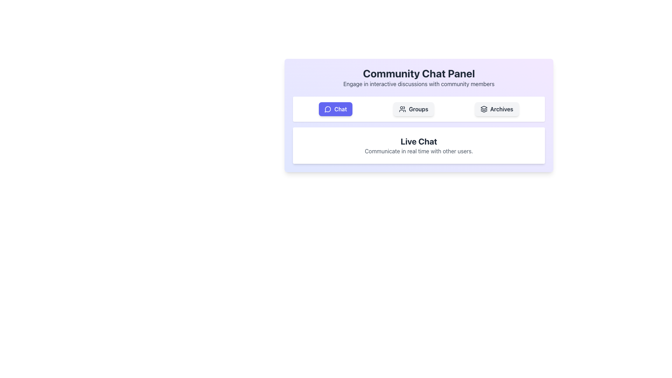 This screenshot has height=378, width=672. What do you see at coordinates (328, 109) in the screenshot?
I see `the circular speech bubble icon of the 'Chat' button, which is located at the top-left of the horizontal options bar in the 'Community Chat Panel'` at bounding box center [328, 109].